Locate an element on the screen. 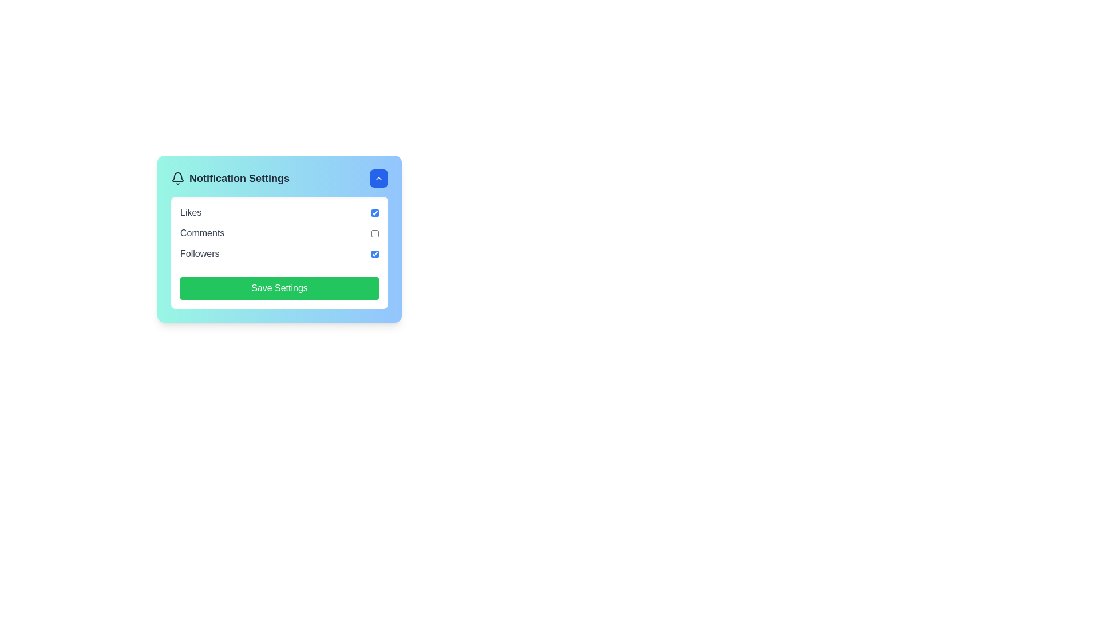 This screenshot has width=1099, height=618. the confirm and save changes button located below the notification settings checkboxes is located at coordinates (279, 288).